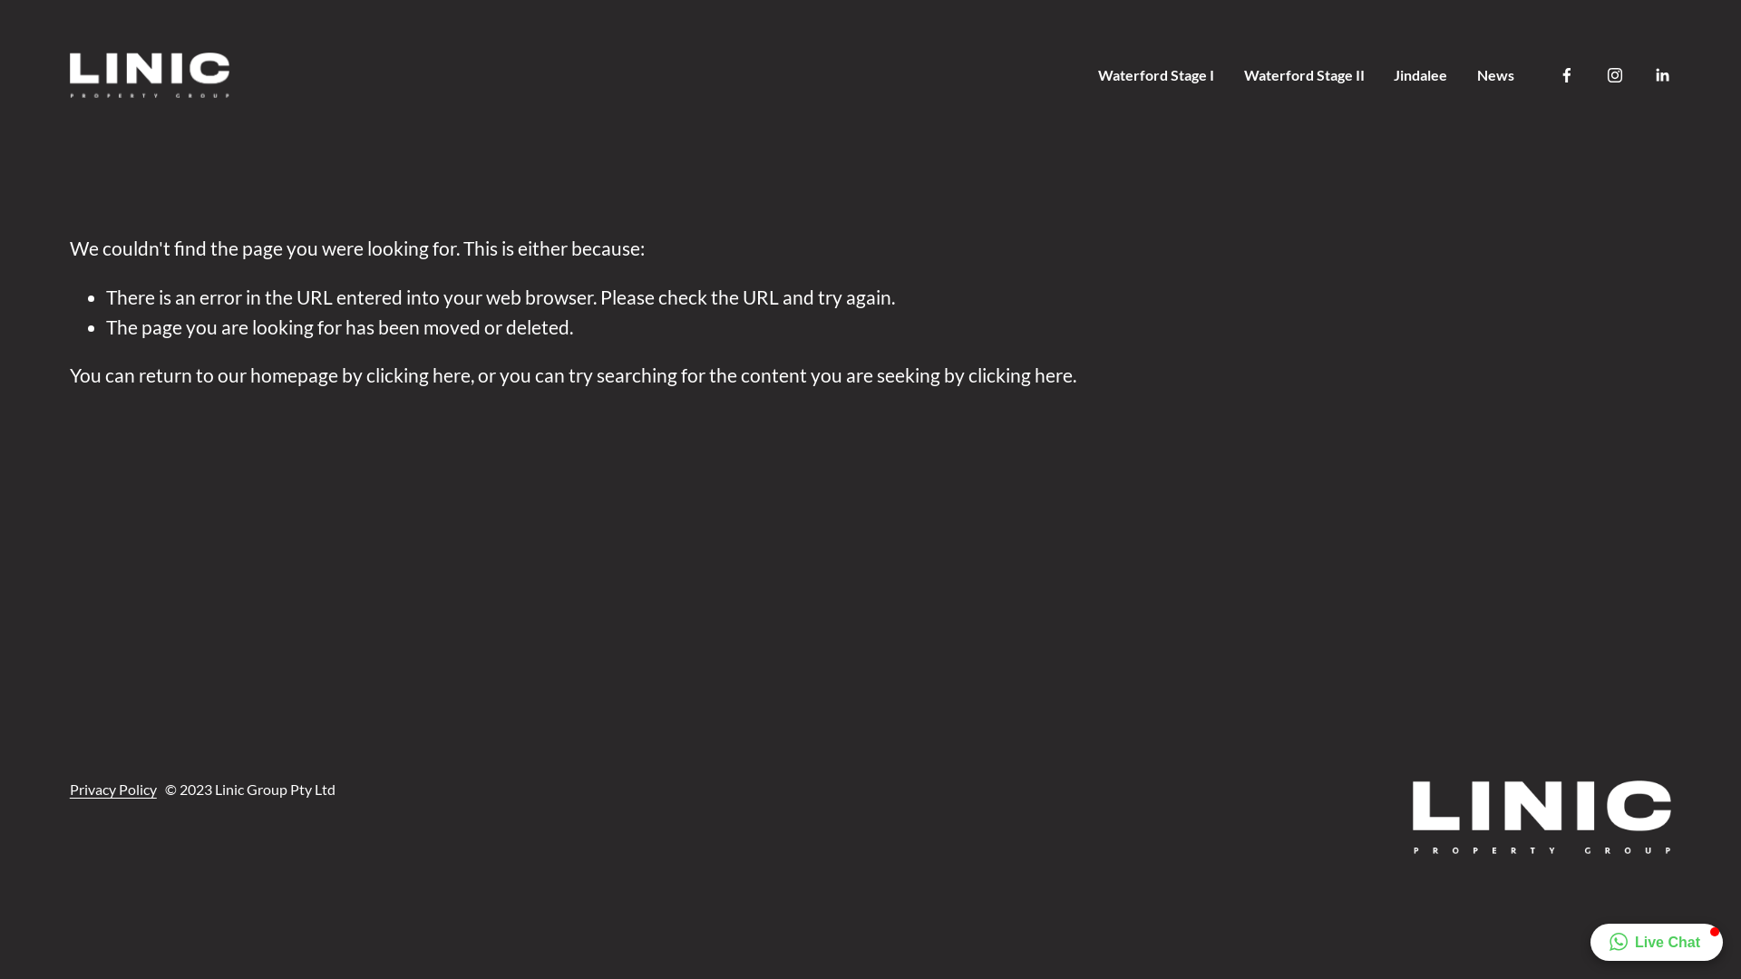 Image resolution: width=1741 pixels, height=979 pixels. What do you see at coordinates (69, 789) in the screenshot?
I see `'Privacy Policy'` at bounding box center [69, 789].